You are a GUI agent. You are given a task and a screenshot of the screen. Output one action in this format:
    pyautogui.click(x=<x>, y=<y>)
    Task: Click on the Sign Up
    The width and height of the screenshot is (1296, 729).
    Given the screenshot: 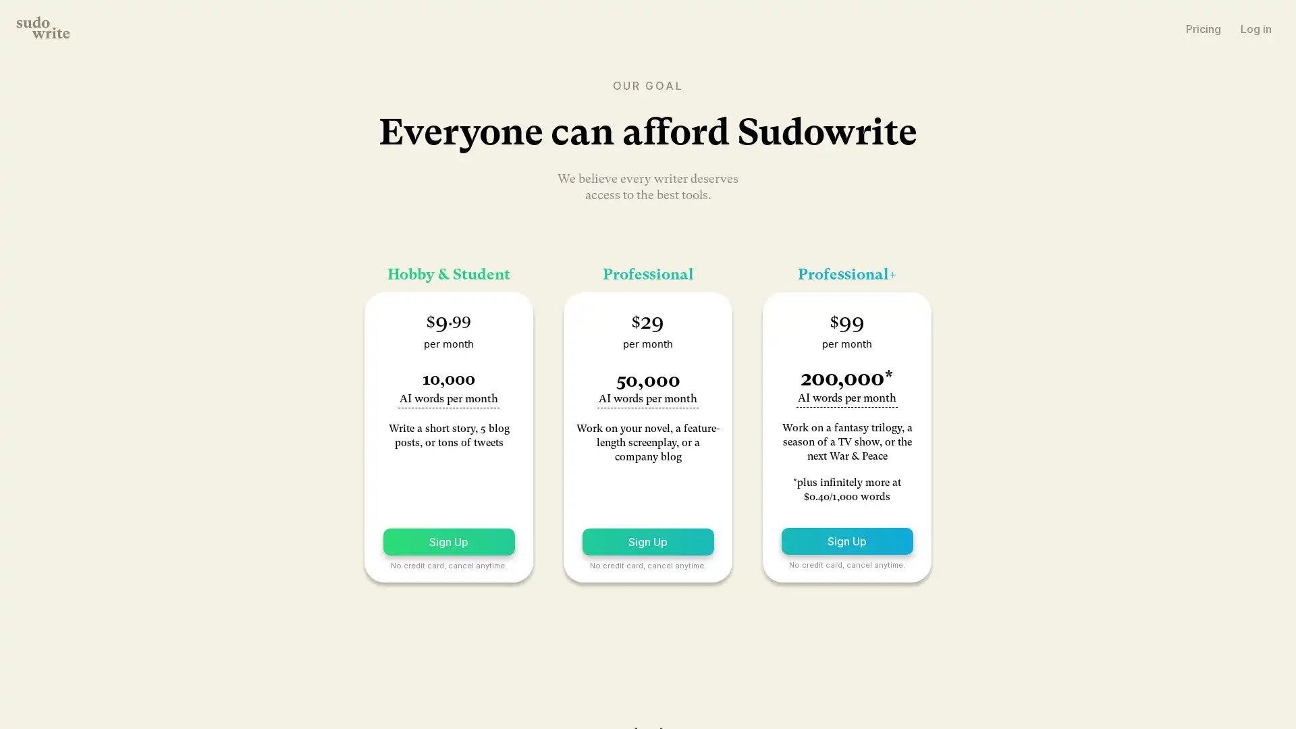 What is the action you would take?
    pyautogui.click(x=647, y=541)
    